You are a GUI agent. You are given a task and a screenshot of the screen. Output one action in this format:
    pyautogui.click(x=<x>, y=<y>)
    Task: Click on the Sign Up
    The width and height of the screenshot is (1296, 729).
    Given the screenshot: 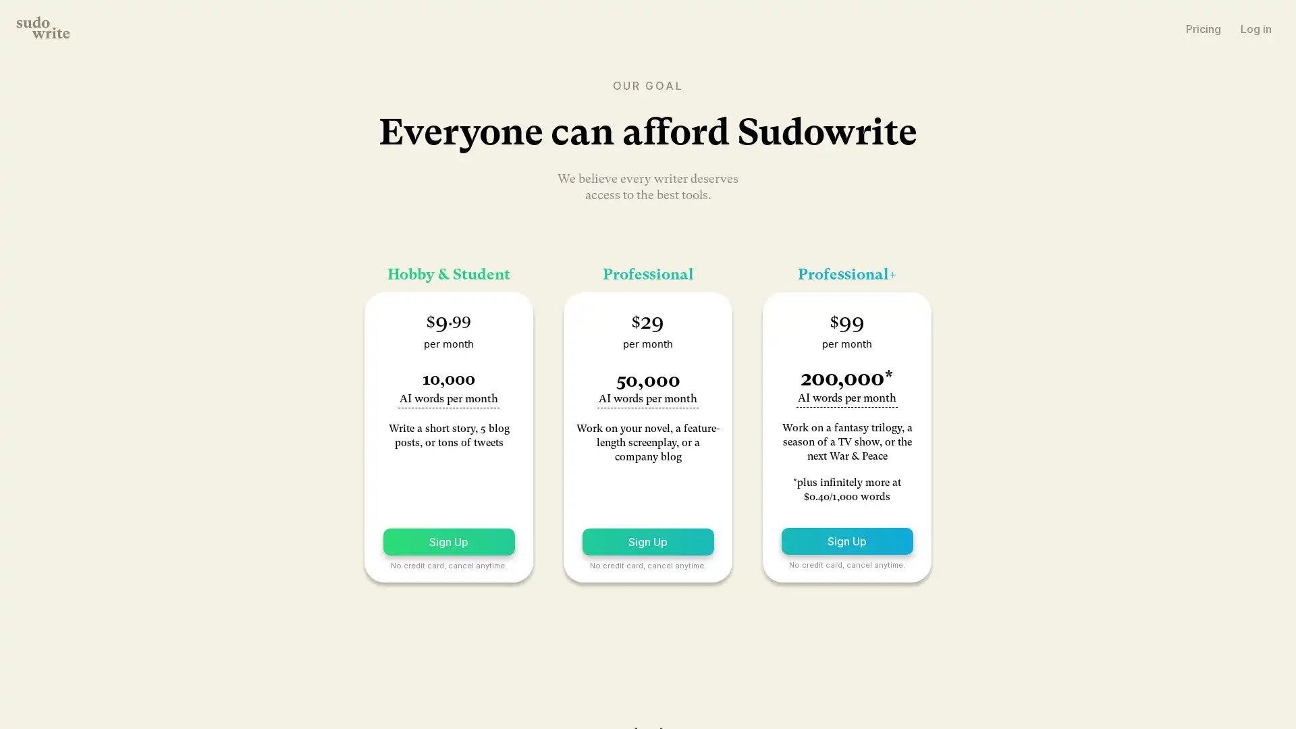 What is the action you would take?
    pyautogui.click(x=647, y=541)
    